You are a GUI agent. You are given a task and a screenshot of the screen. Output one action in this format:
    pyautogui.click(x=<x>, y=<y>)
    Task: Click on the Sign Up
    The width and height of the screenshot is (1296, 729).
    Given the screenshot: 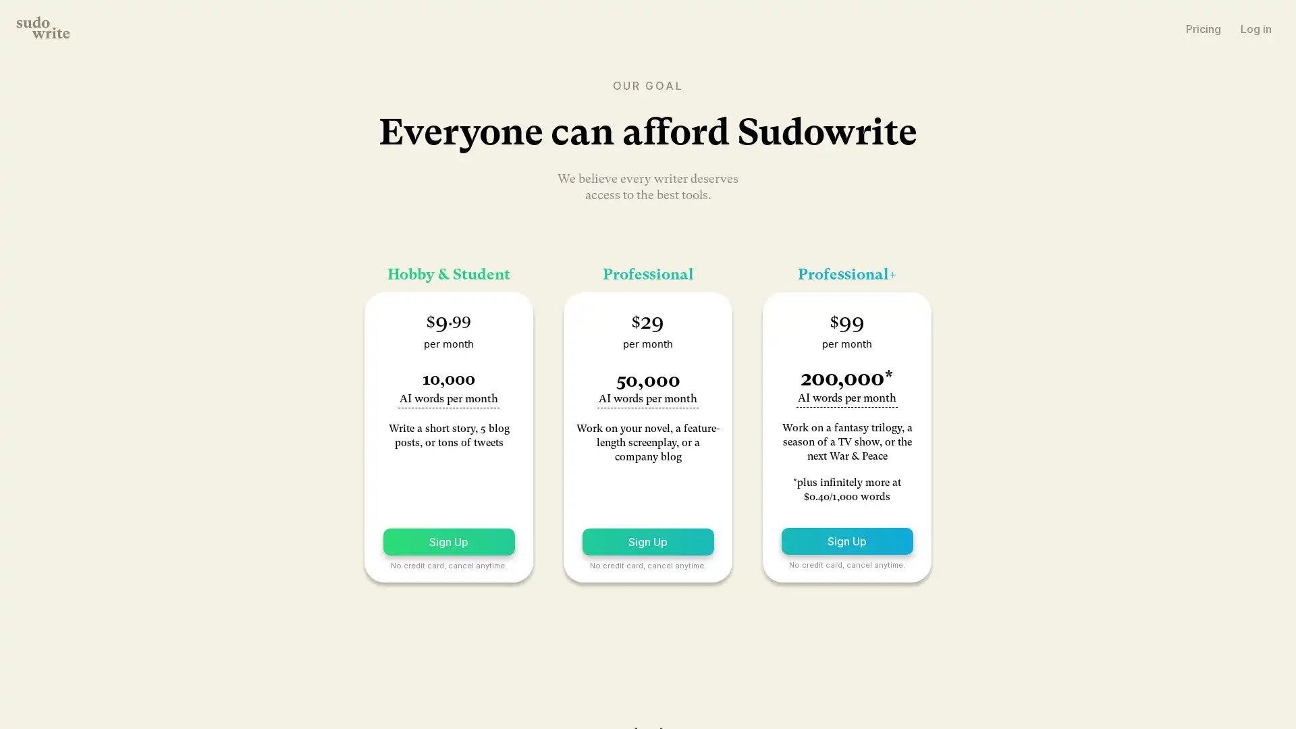 What is the action you would take?
    pyautogui.click(x=647, y=541)
    